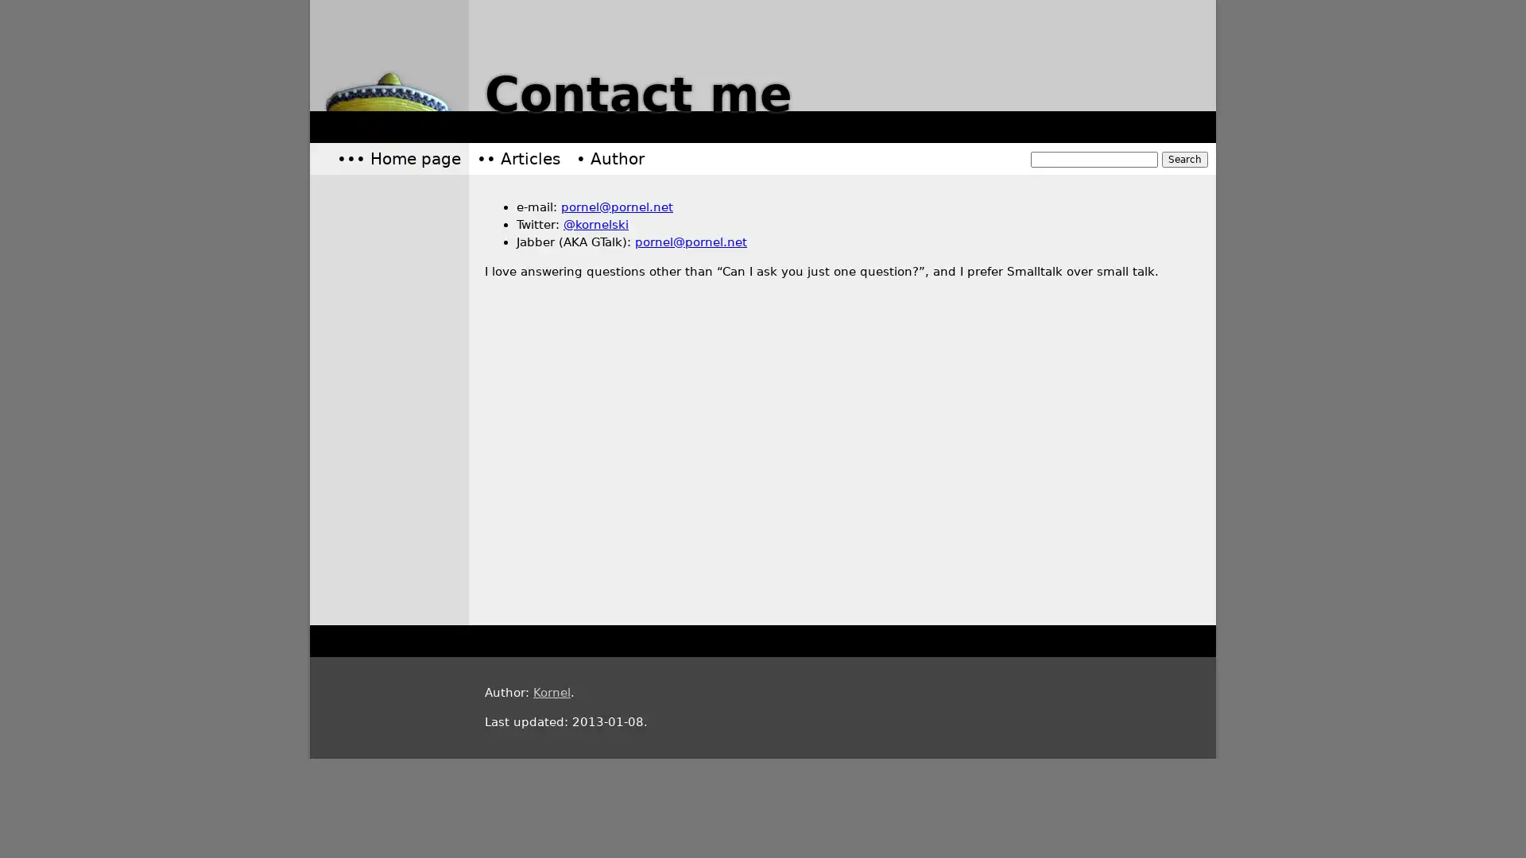 The height and width of the screenshot is (858, 1526). Describe the element at coordinates (1185, 159) in the screenshot. I see `Search` at that location.